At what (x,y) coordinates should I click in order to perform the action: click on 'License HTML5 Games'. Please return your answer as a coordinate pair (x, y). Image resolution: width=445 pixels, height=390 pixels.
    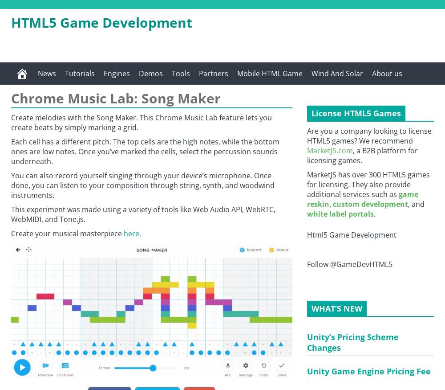
    Looking at the image, I should click on (356, 113).